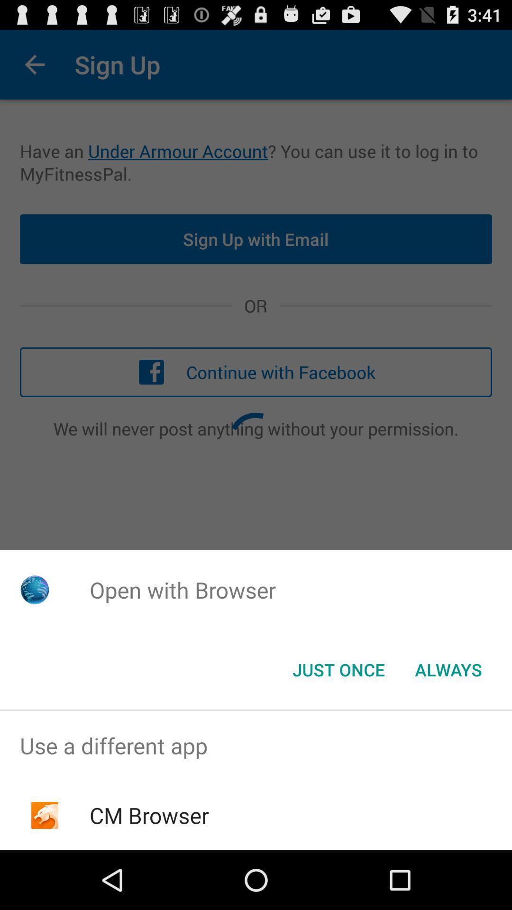 The width and height of the screenshot is (512, 910). I want to click on just once item, so click(338, 669).